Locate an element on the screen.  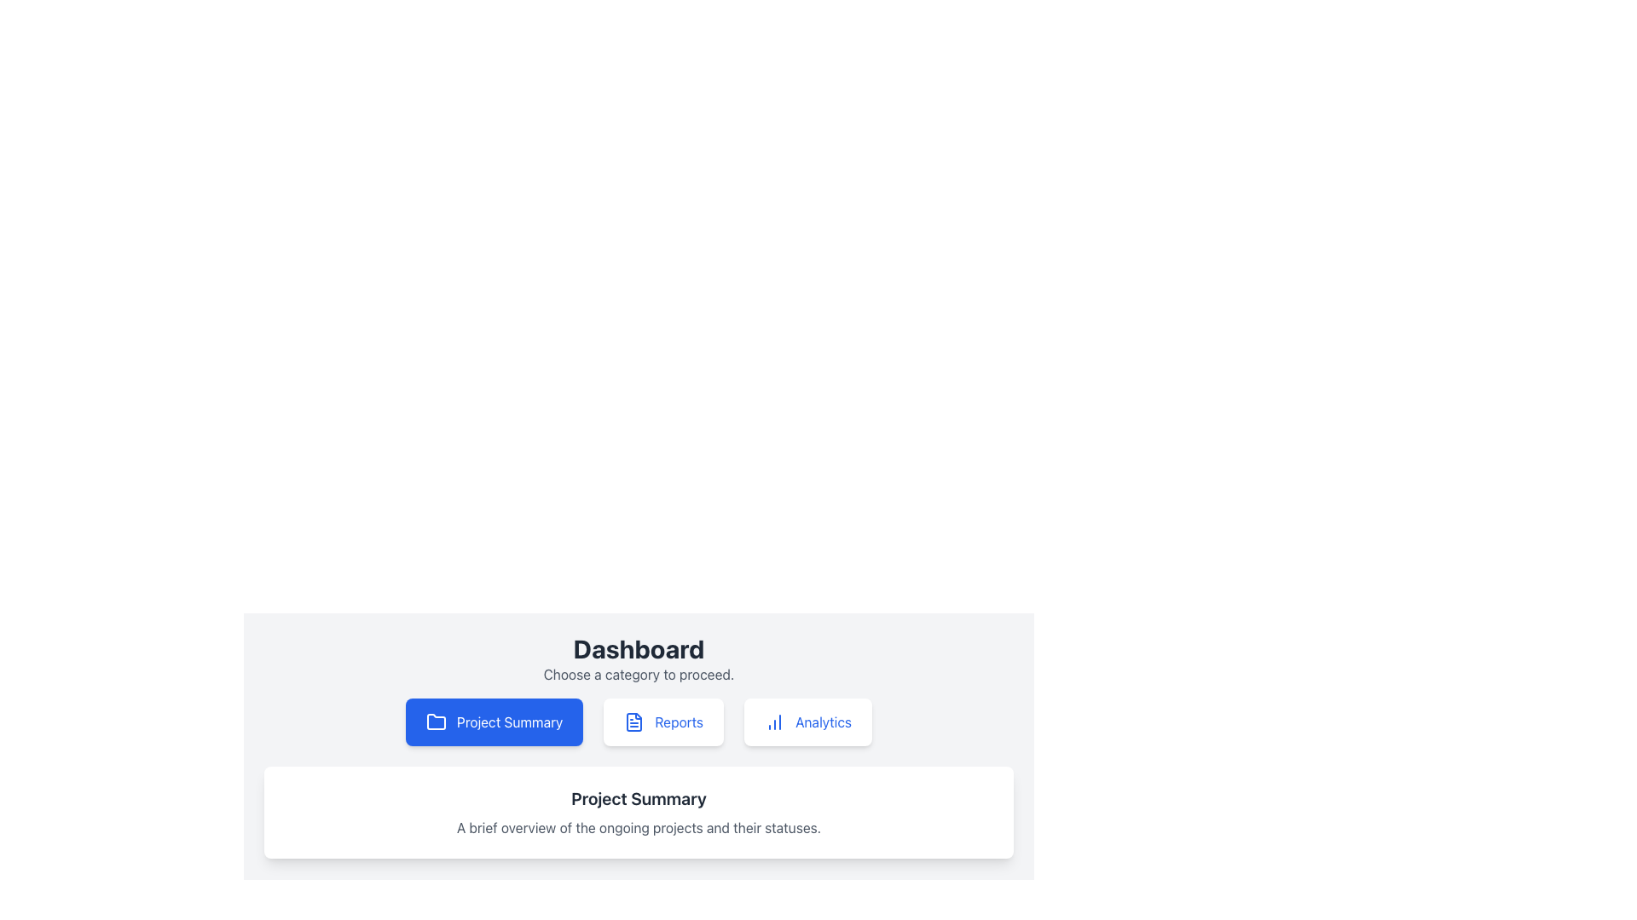
the static text element that instructs the user to select a category, located below the 'Dashboard' heading is located at coordinates (638, 673).